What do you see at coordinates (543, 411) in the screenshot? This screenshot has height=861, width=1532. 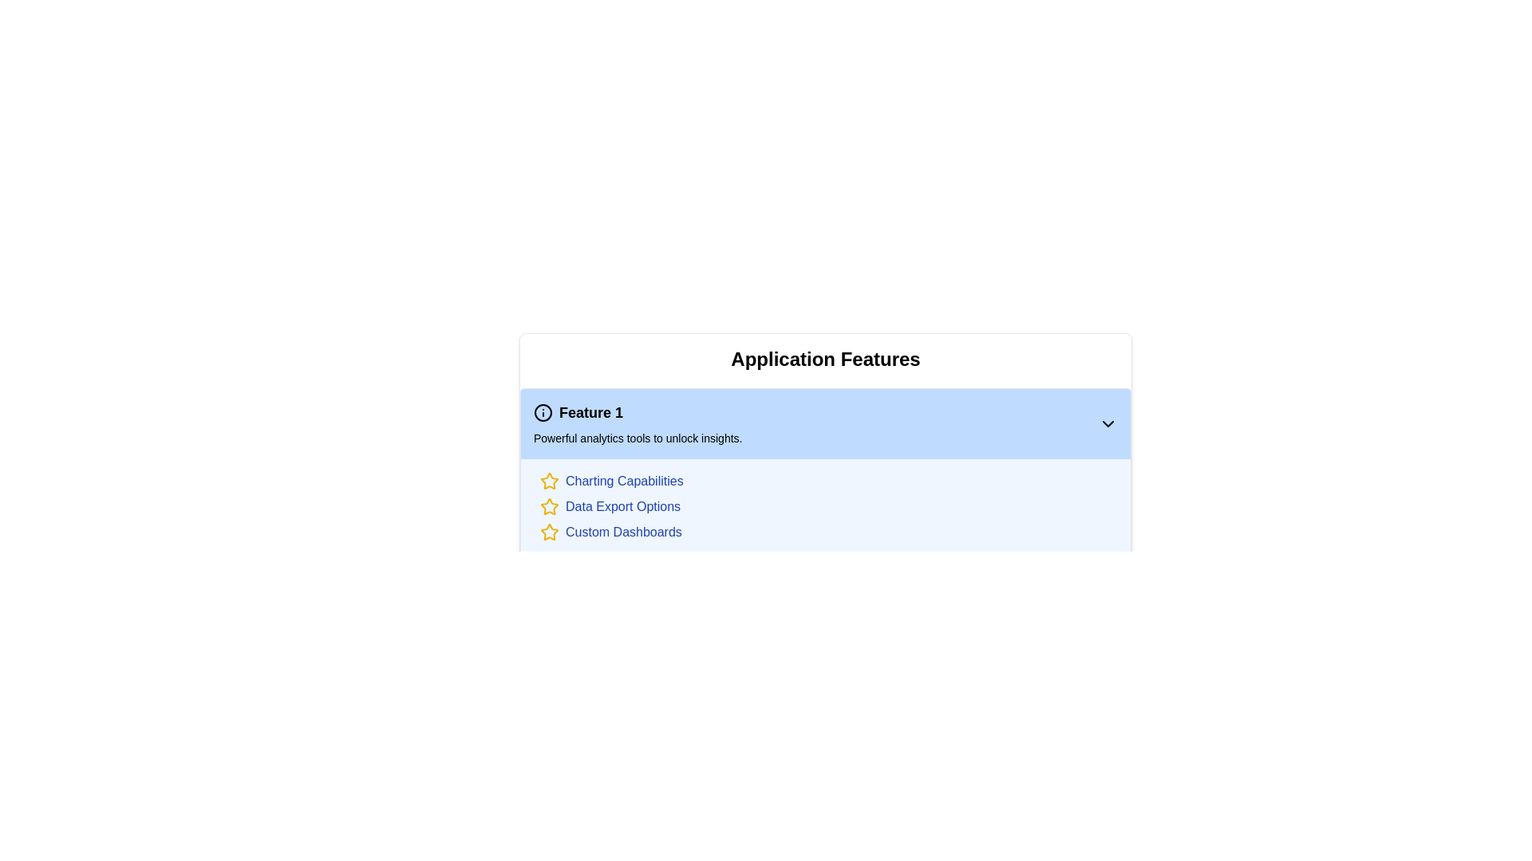 I see `the central circular component of the SVG icon located at the top-left corner of the blue header bar labeled 'Feature 1'` at bounding box center [543, 411].